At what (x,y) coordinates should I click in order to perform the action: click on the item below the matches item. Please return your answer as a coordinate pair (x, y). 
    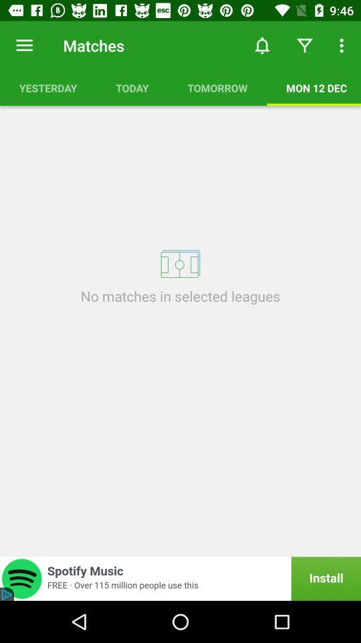
    Looking at the image, I should click on (132, 87).